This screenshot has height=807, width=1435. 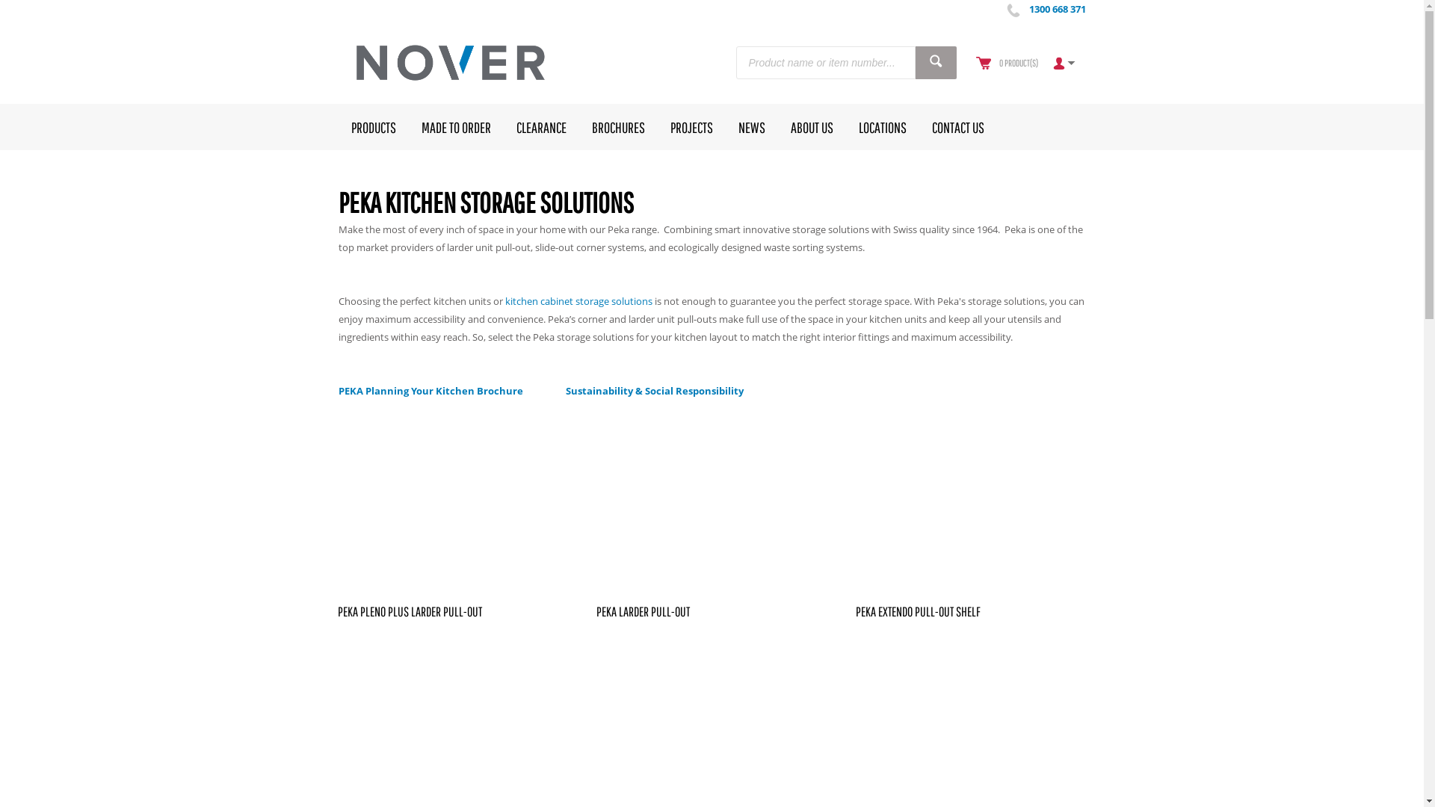 I want to click on '1300 668 371', so click(x=1056, y=8).